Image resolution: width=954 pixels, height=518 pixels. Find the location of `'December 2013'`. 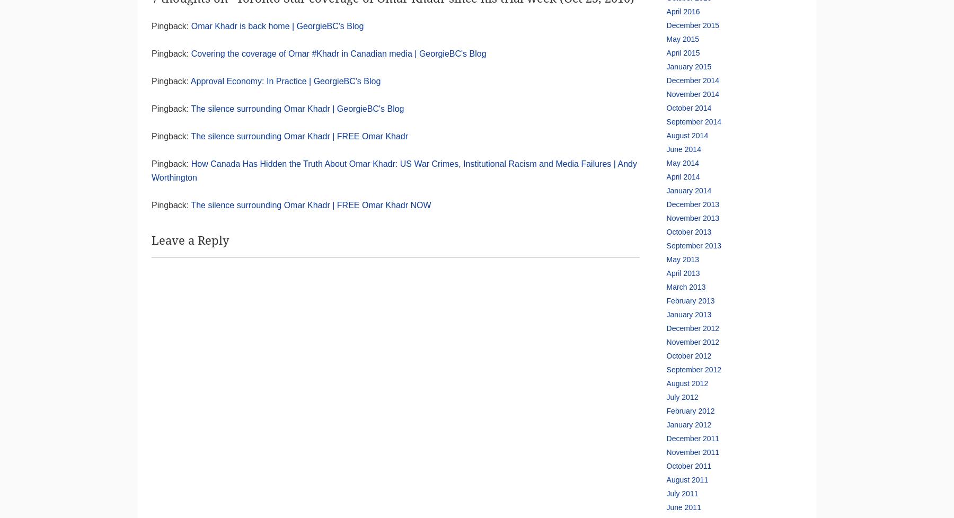

'December 2013' is located at coordinates (692, 204).